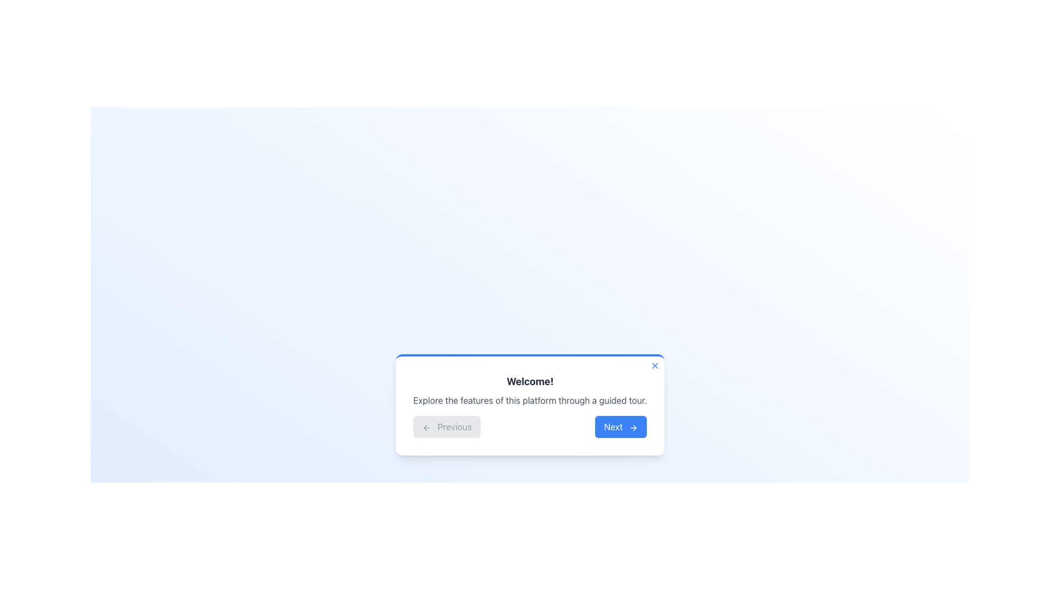  Describe the element at coordinates (530, 426) in the screenshot. I see `the navigation controls containing 'Previous' and 'Next' buttons` at that location.